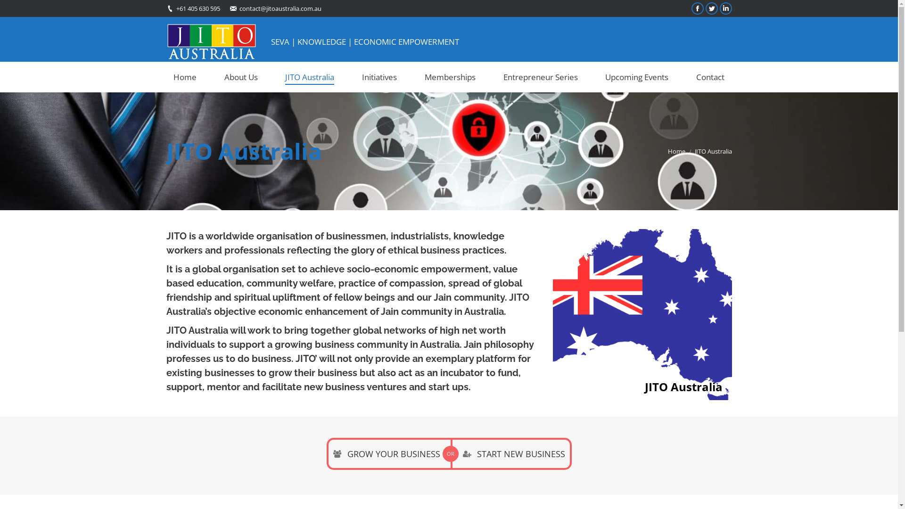  What do you see at coordinates (310, 76) in the screenshot?
I see `'JITO Australia'` at bounding box center [310, 76].